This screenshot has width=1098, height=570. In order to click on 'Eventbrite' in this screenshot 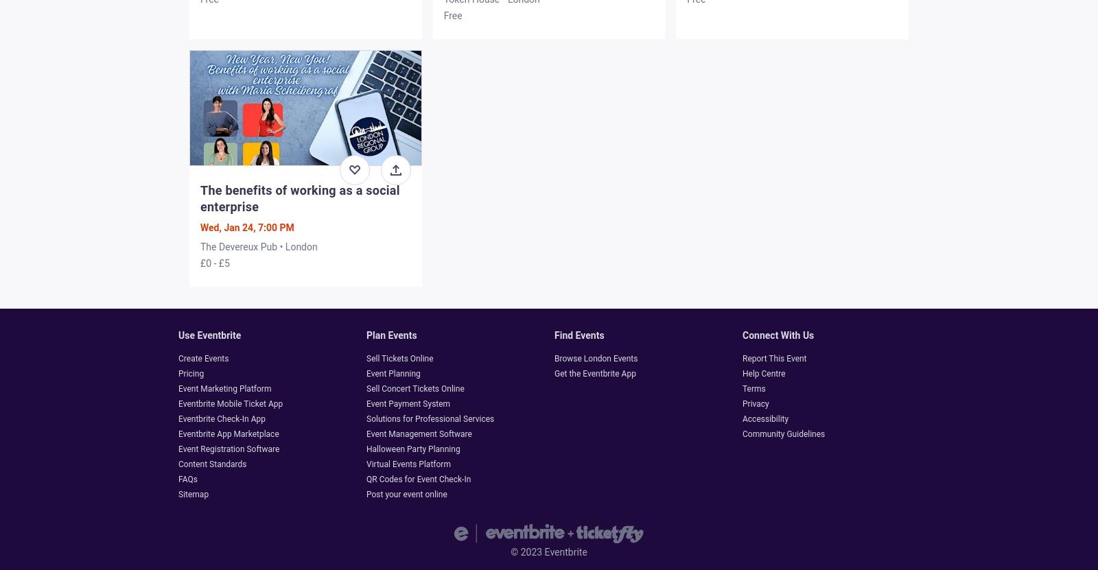, I will do `click(563, 551)`.